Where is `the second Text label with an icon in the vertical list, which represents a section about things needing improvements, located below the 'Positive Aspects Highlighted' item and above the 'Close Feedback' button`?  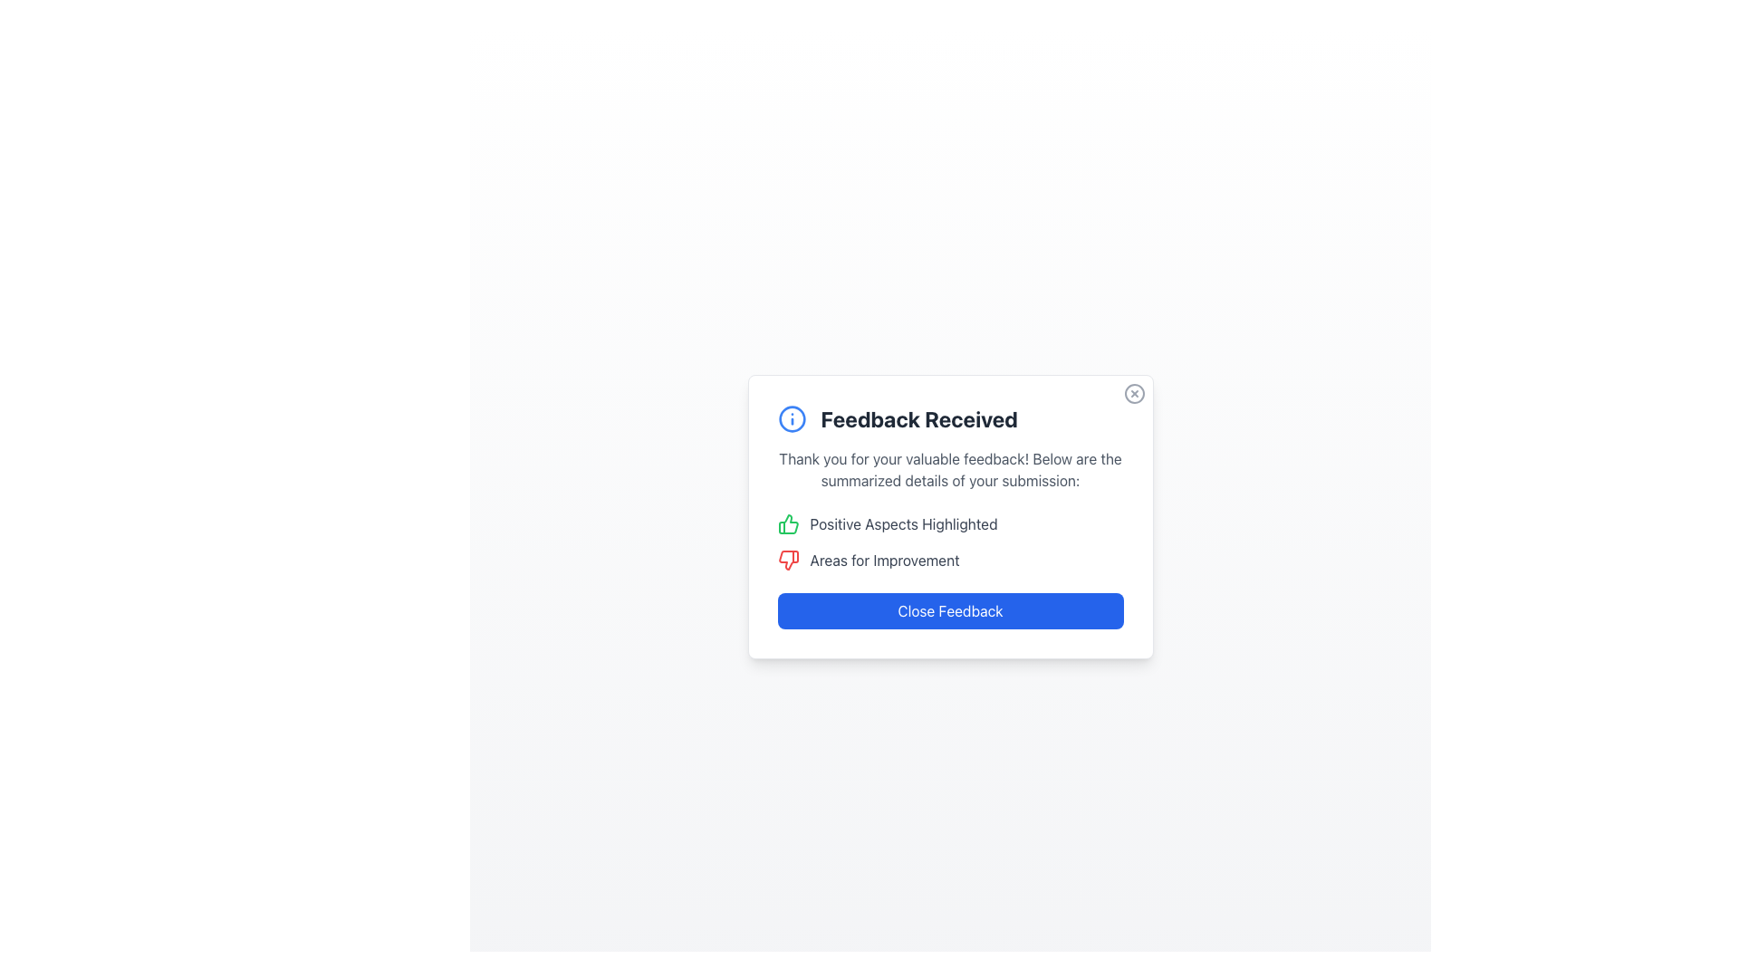 the second Text label with an icon in the vertical list, which represents a section about things needing improvements, located below the 'Positive Aspects Highlighted' item and above the 'Close Feedback' button is located at coordinates (949, 559).